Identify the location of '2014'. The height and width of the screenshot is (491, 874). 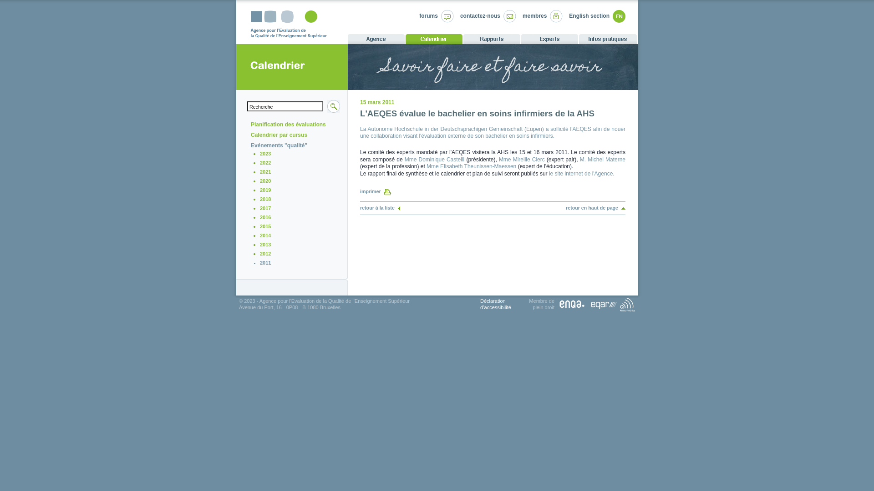
(259, 235).